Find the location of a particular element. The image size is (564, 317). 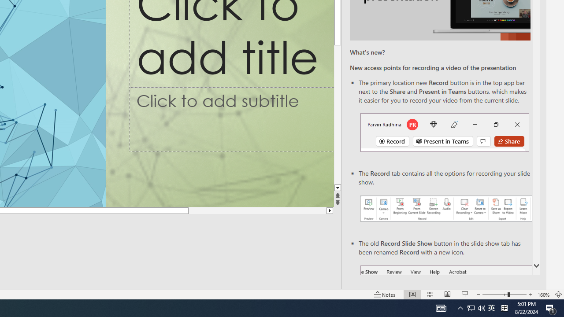

'Zoom 160%' is located at coordinates (543, 295).